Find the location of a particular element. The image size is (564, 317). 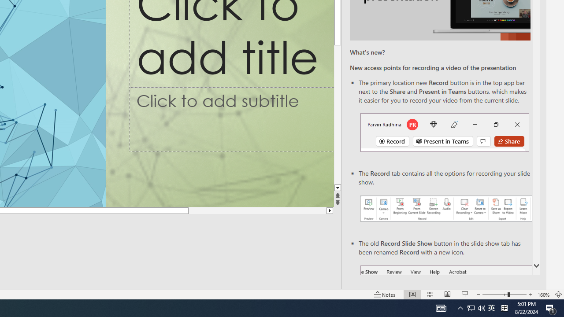

'Zoom 160%' is located at coordinates (543, 295).